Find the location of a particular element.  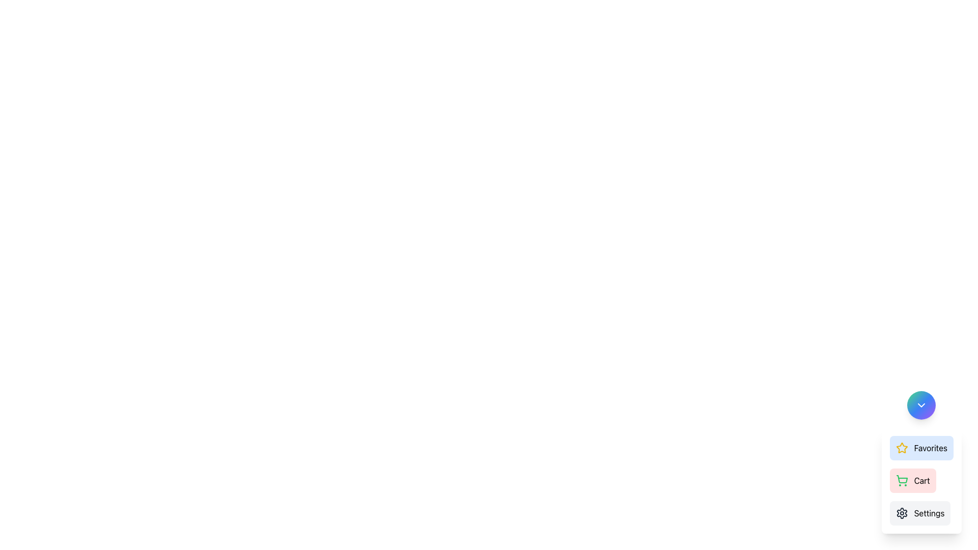

the downwards-pointing chevron icon within the circular button located at the bottom-right corner of the interface is located at coordinates (921, 404).